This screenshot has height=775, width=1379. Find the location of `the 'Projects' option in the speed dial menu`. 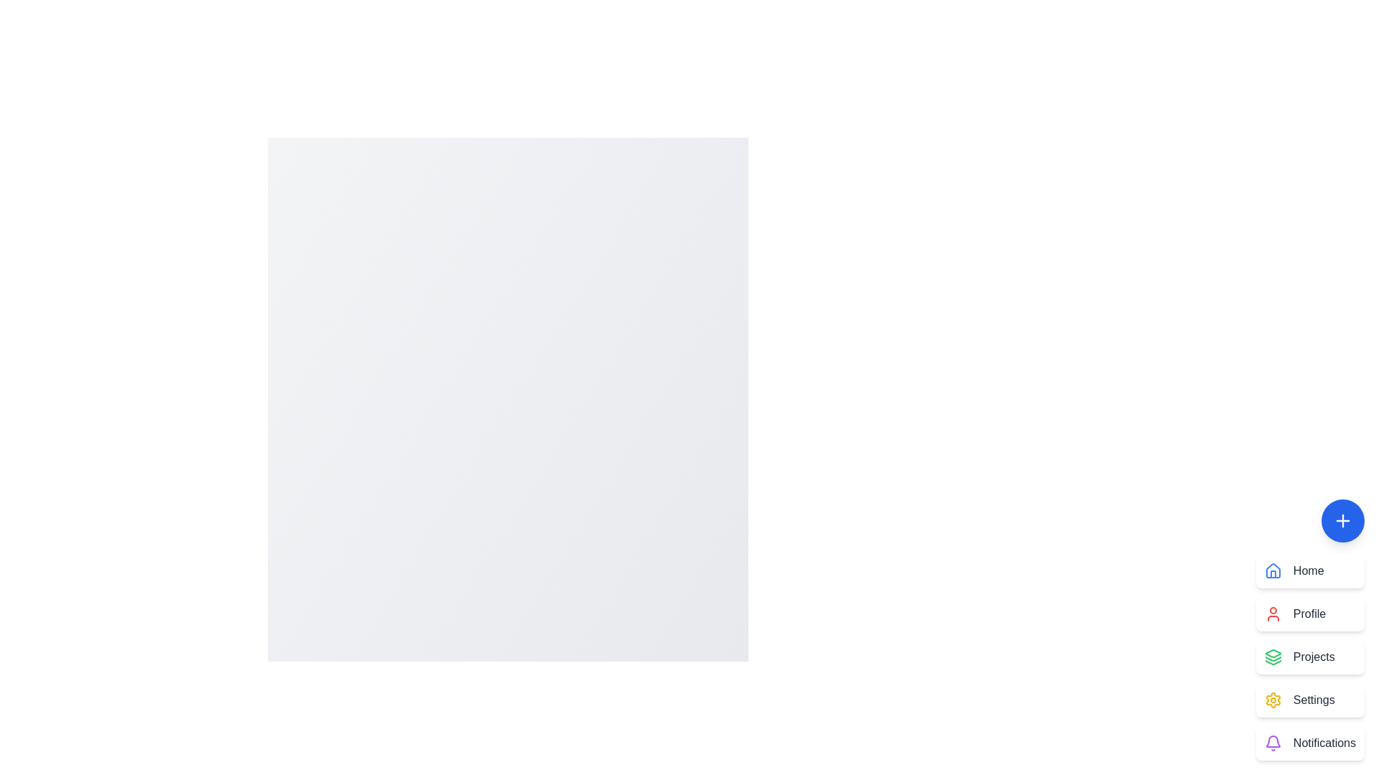

the 'Projects' option in the speed dial menu is located at coordinates (1310, 657).